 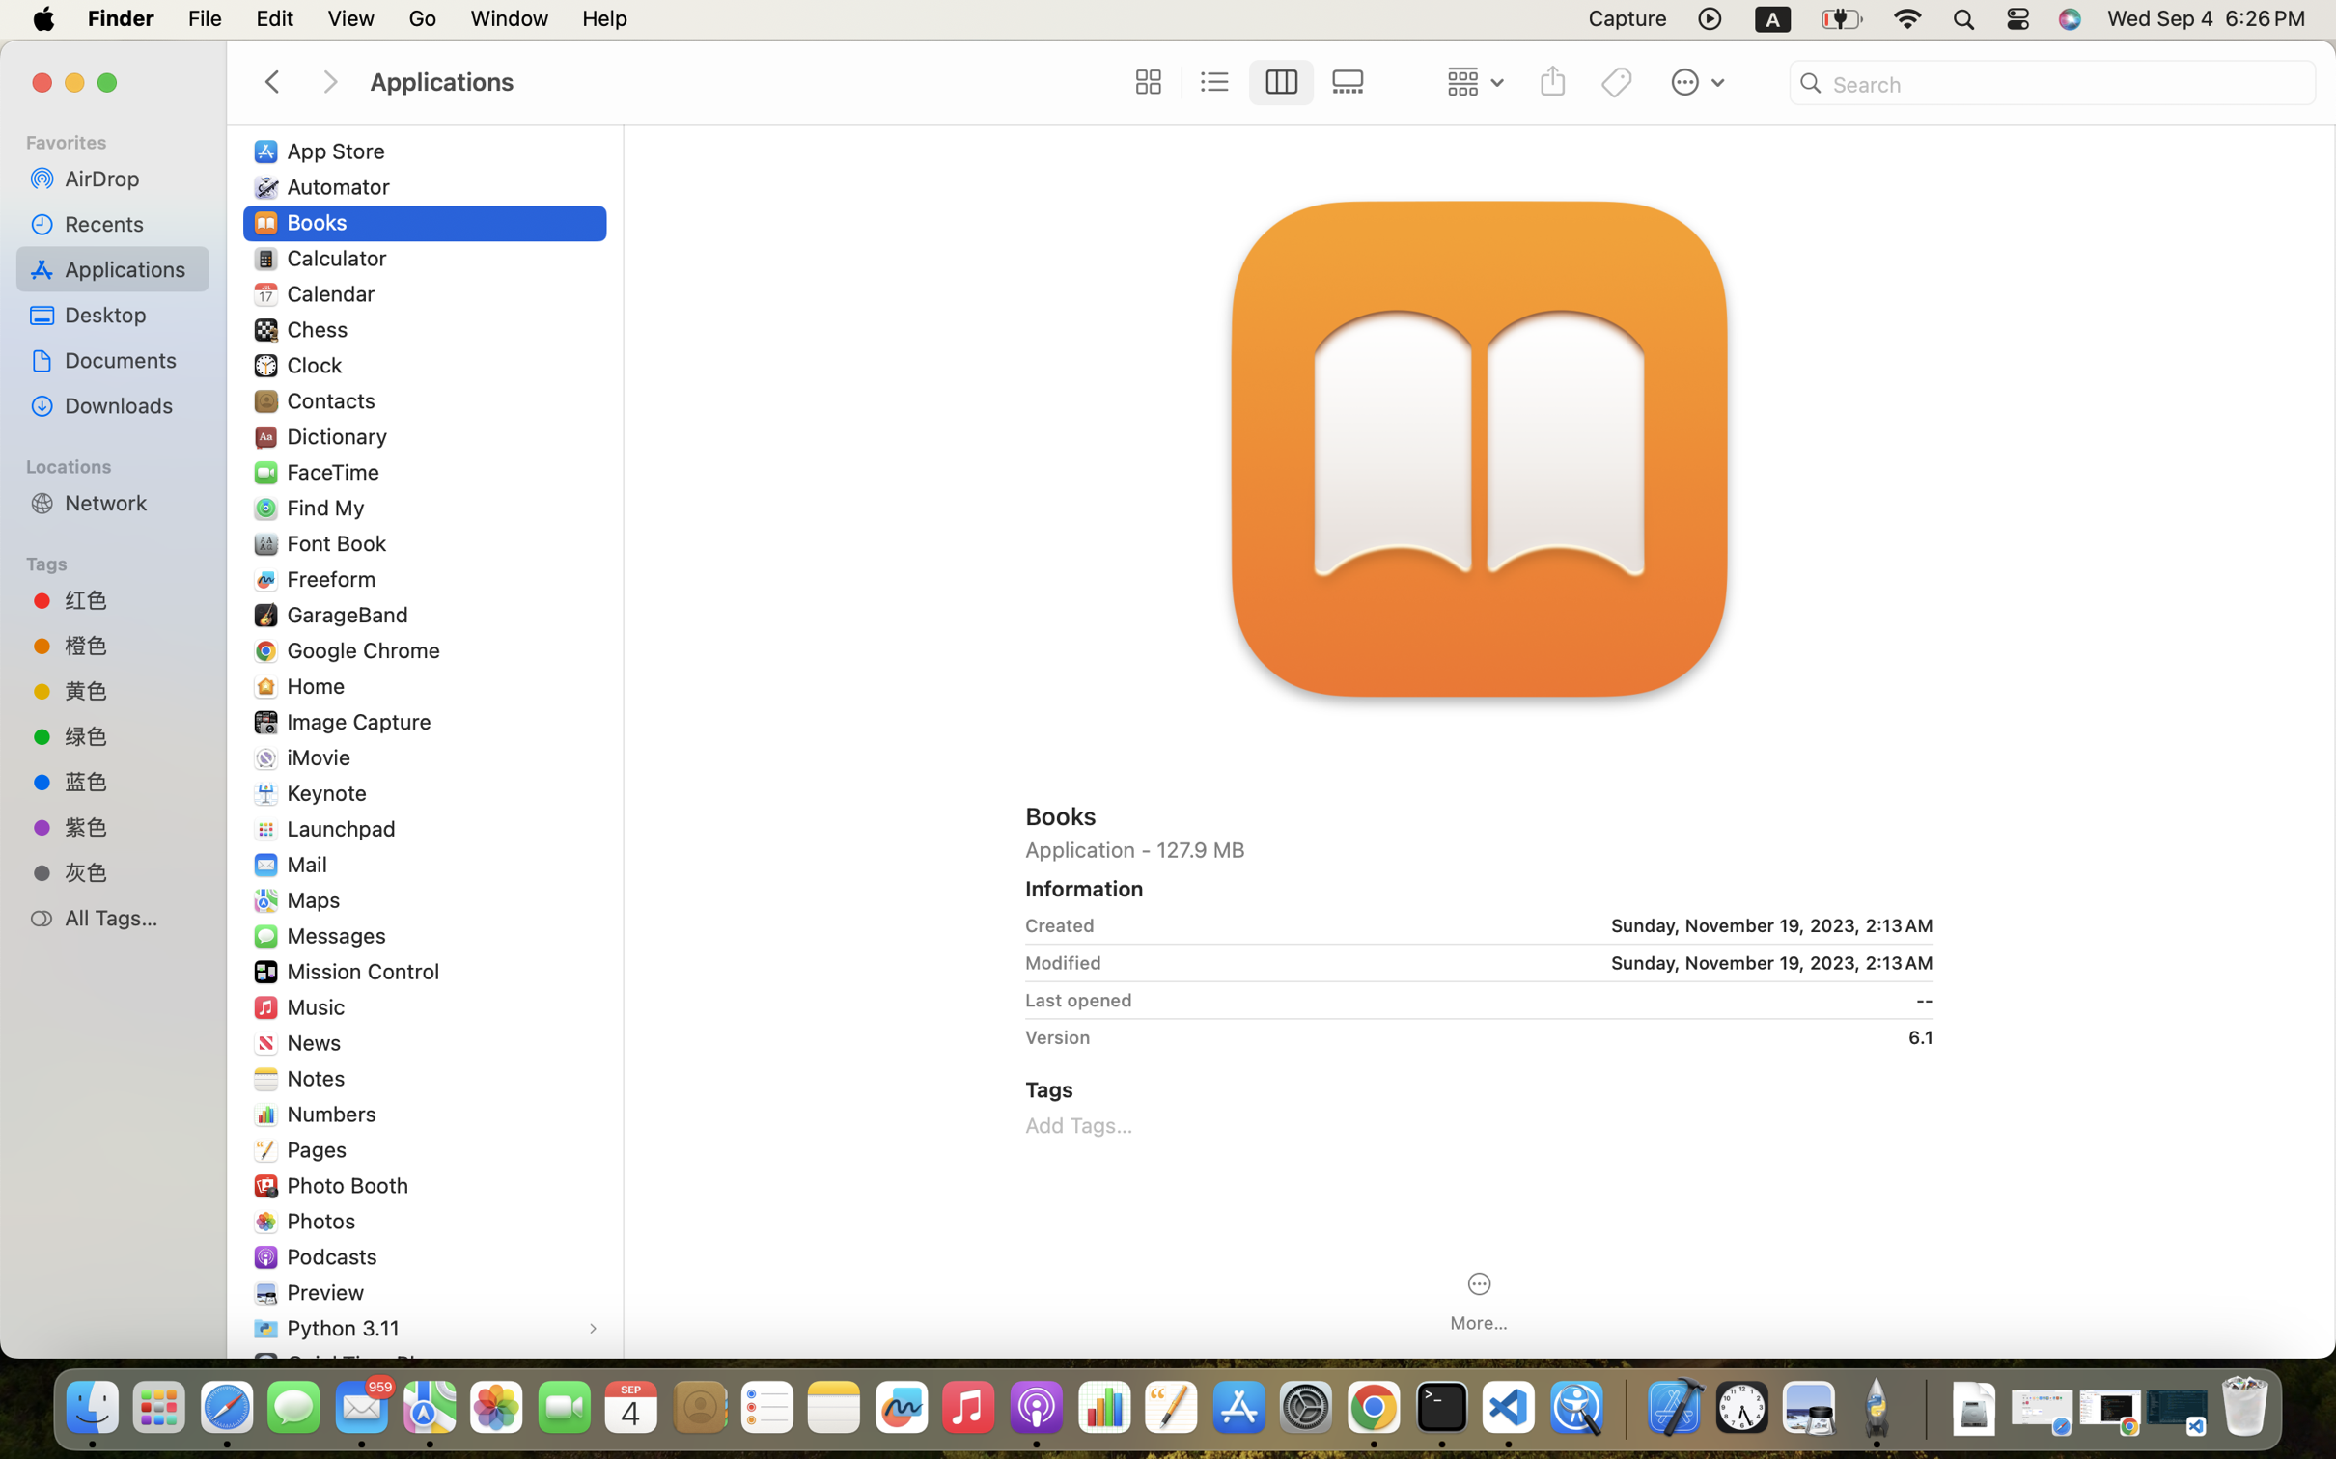 I want to click on 'Automator', so click(x=342, y=185).